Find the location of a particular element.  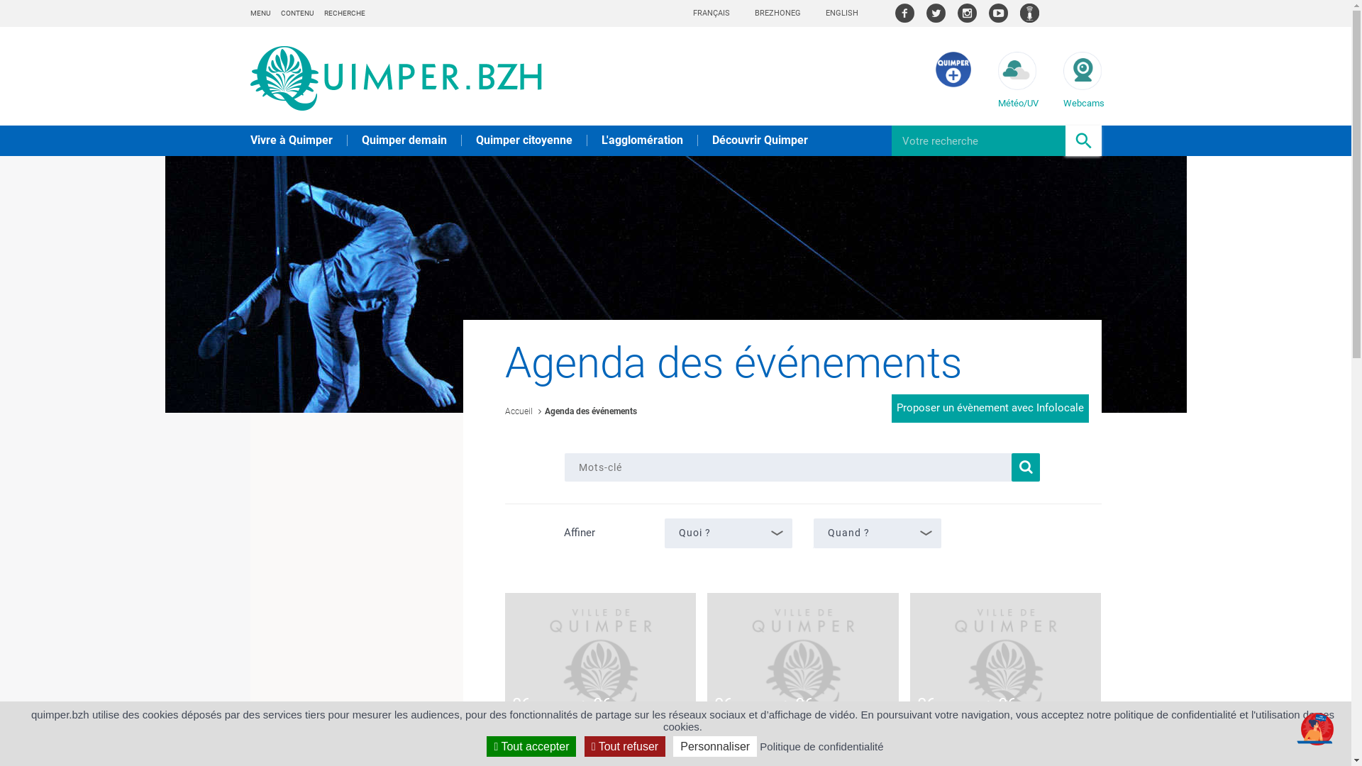

'RECHERCHE' is located at coordinates (343, 13).